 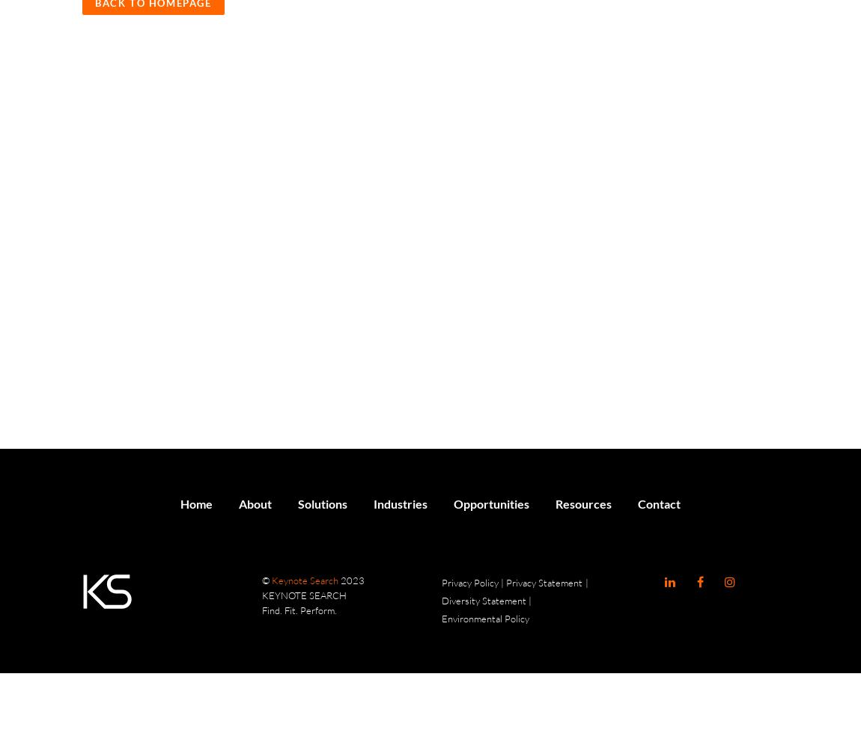 I want to click on 'Resources', so click(x=582, y=503).